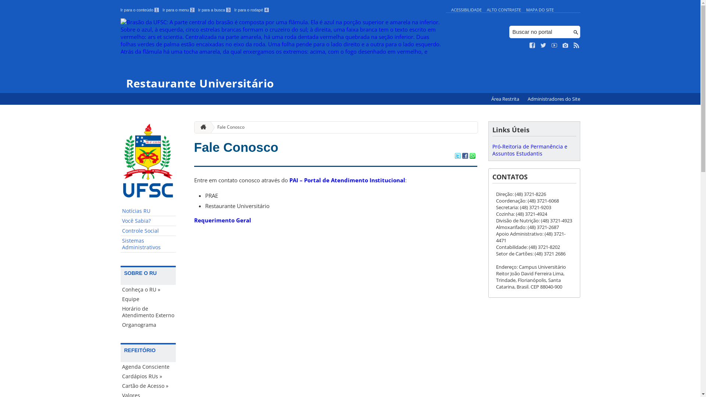 The image size is (706, 397). What do you see at coordinates (148, 244) in the screenshot?
I see `'Sistemas Administrativos'` at bounding box center [148, 244].